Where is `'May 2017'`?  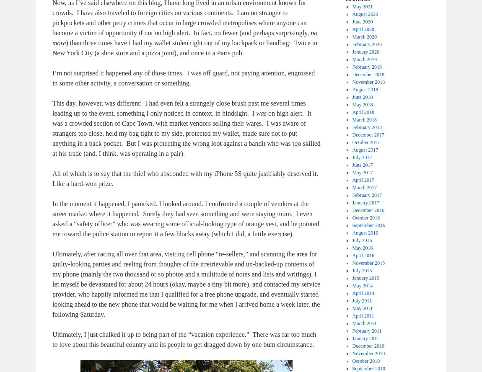 'May 2017' is located at coordinates (362, 172).